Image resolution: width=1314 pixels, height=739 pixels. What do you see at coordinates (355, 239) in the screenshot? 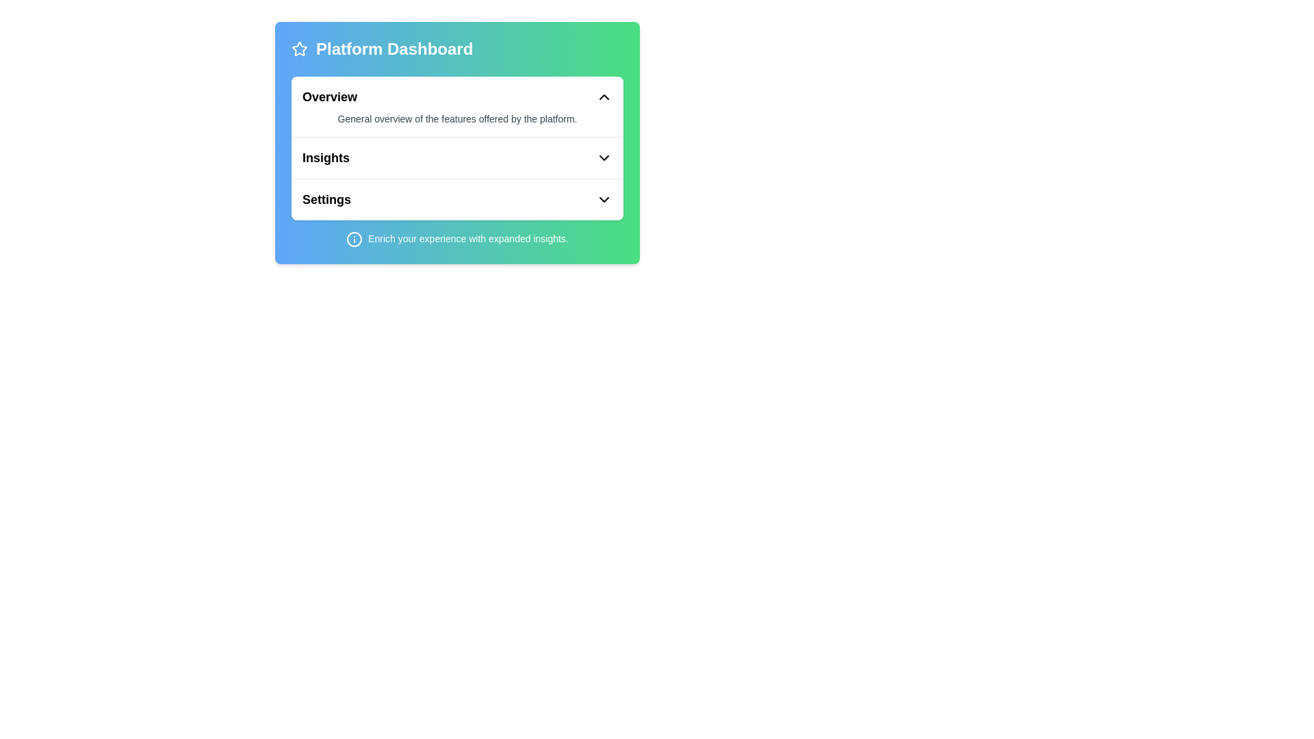
I see `the first SVG circle in the icon group located near the bottom-right of the 'Platform Dashboard' card, adjacent to the text 'Enrich your experience with expanded insights.'` at bounding box center [355, 239].